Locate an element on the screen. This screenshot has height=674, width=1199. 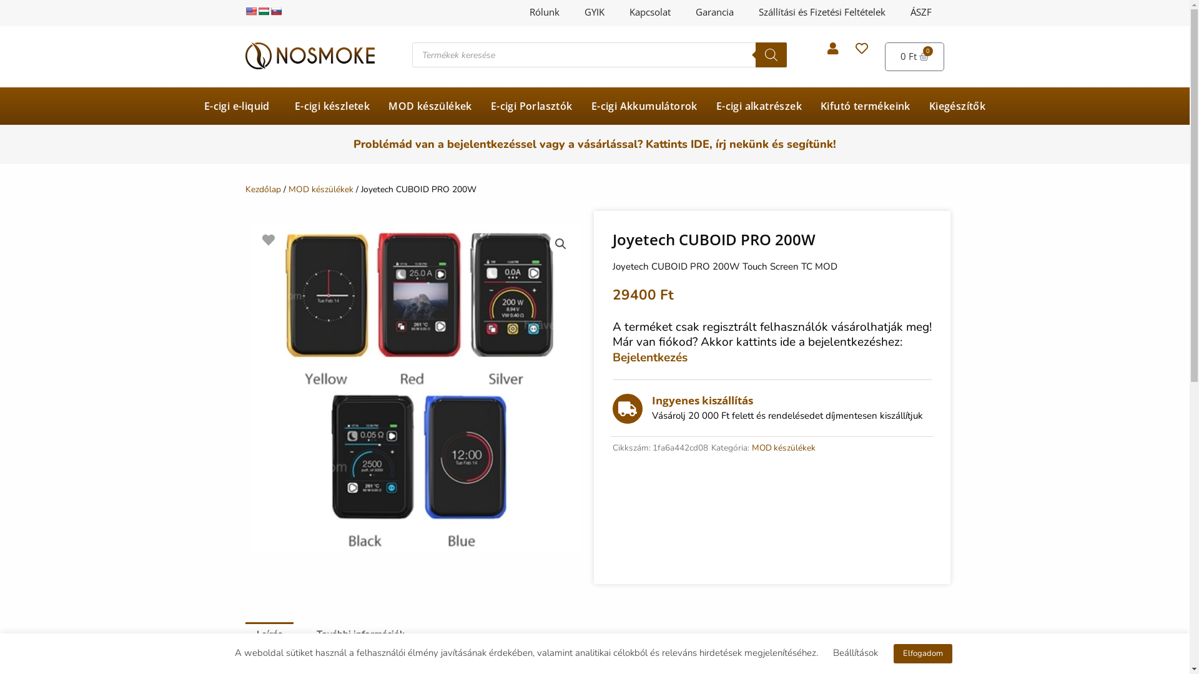
'Slovak' is located at coordinates (275, 11).